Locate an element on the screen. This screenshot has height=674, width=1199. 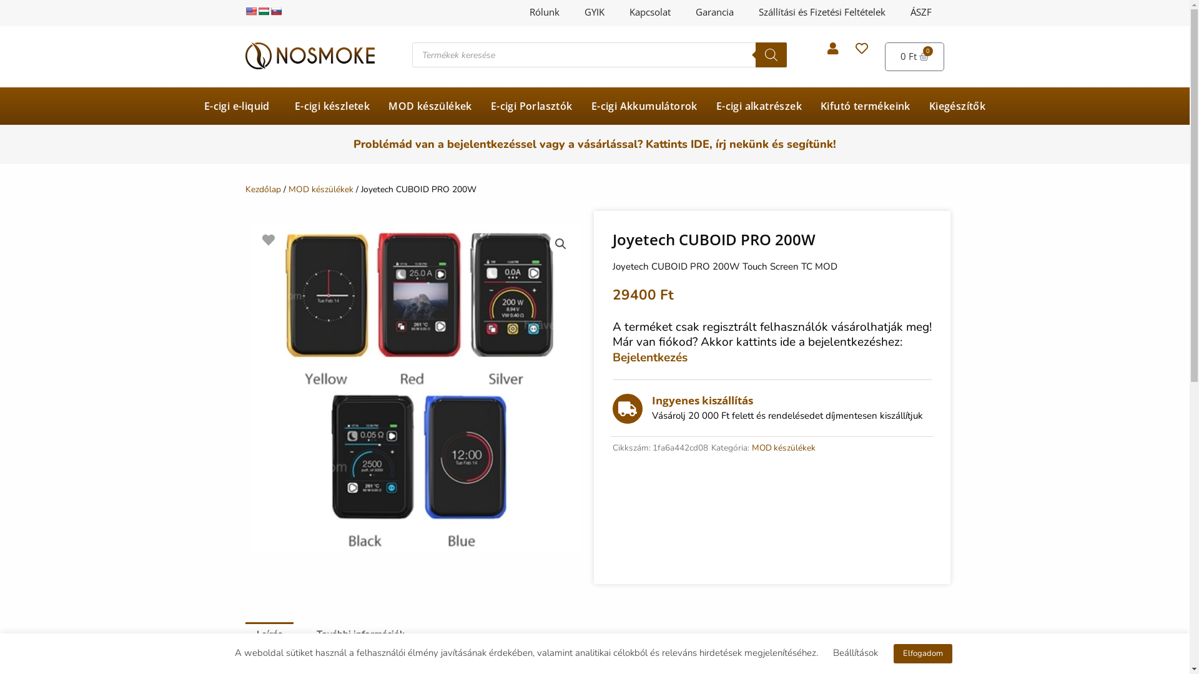
'Slovak' is located at coordinates (275, 11).